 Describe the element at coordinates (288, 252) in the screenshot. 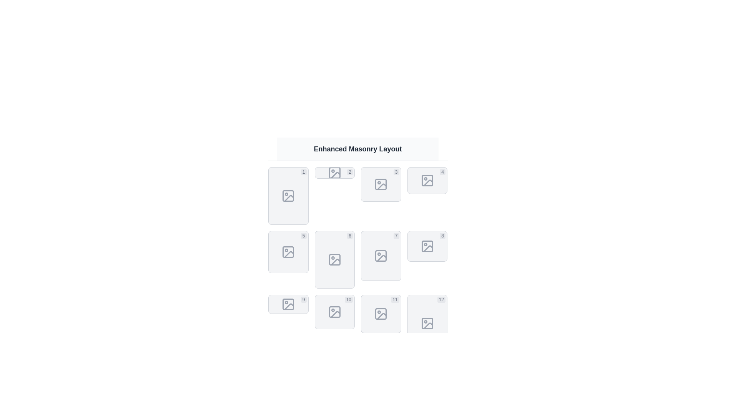

I see `the icon representing imagery, which is located inside the fifth item of the 'Enhanced Masonry Layout' grid, centrally positioned within a light gray square with rounded corners` at that location.